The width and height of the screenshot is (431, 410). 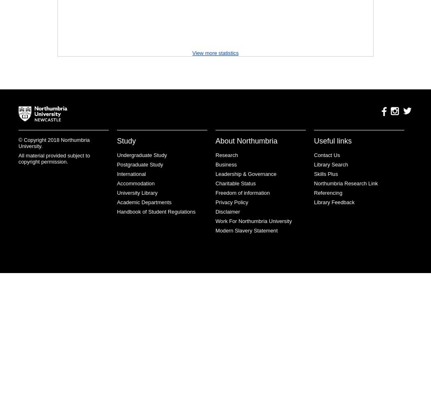 I want to click on 'Leadership & Governance', so click(x=245, y=174).